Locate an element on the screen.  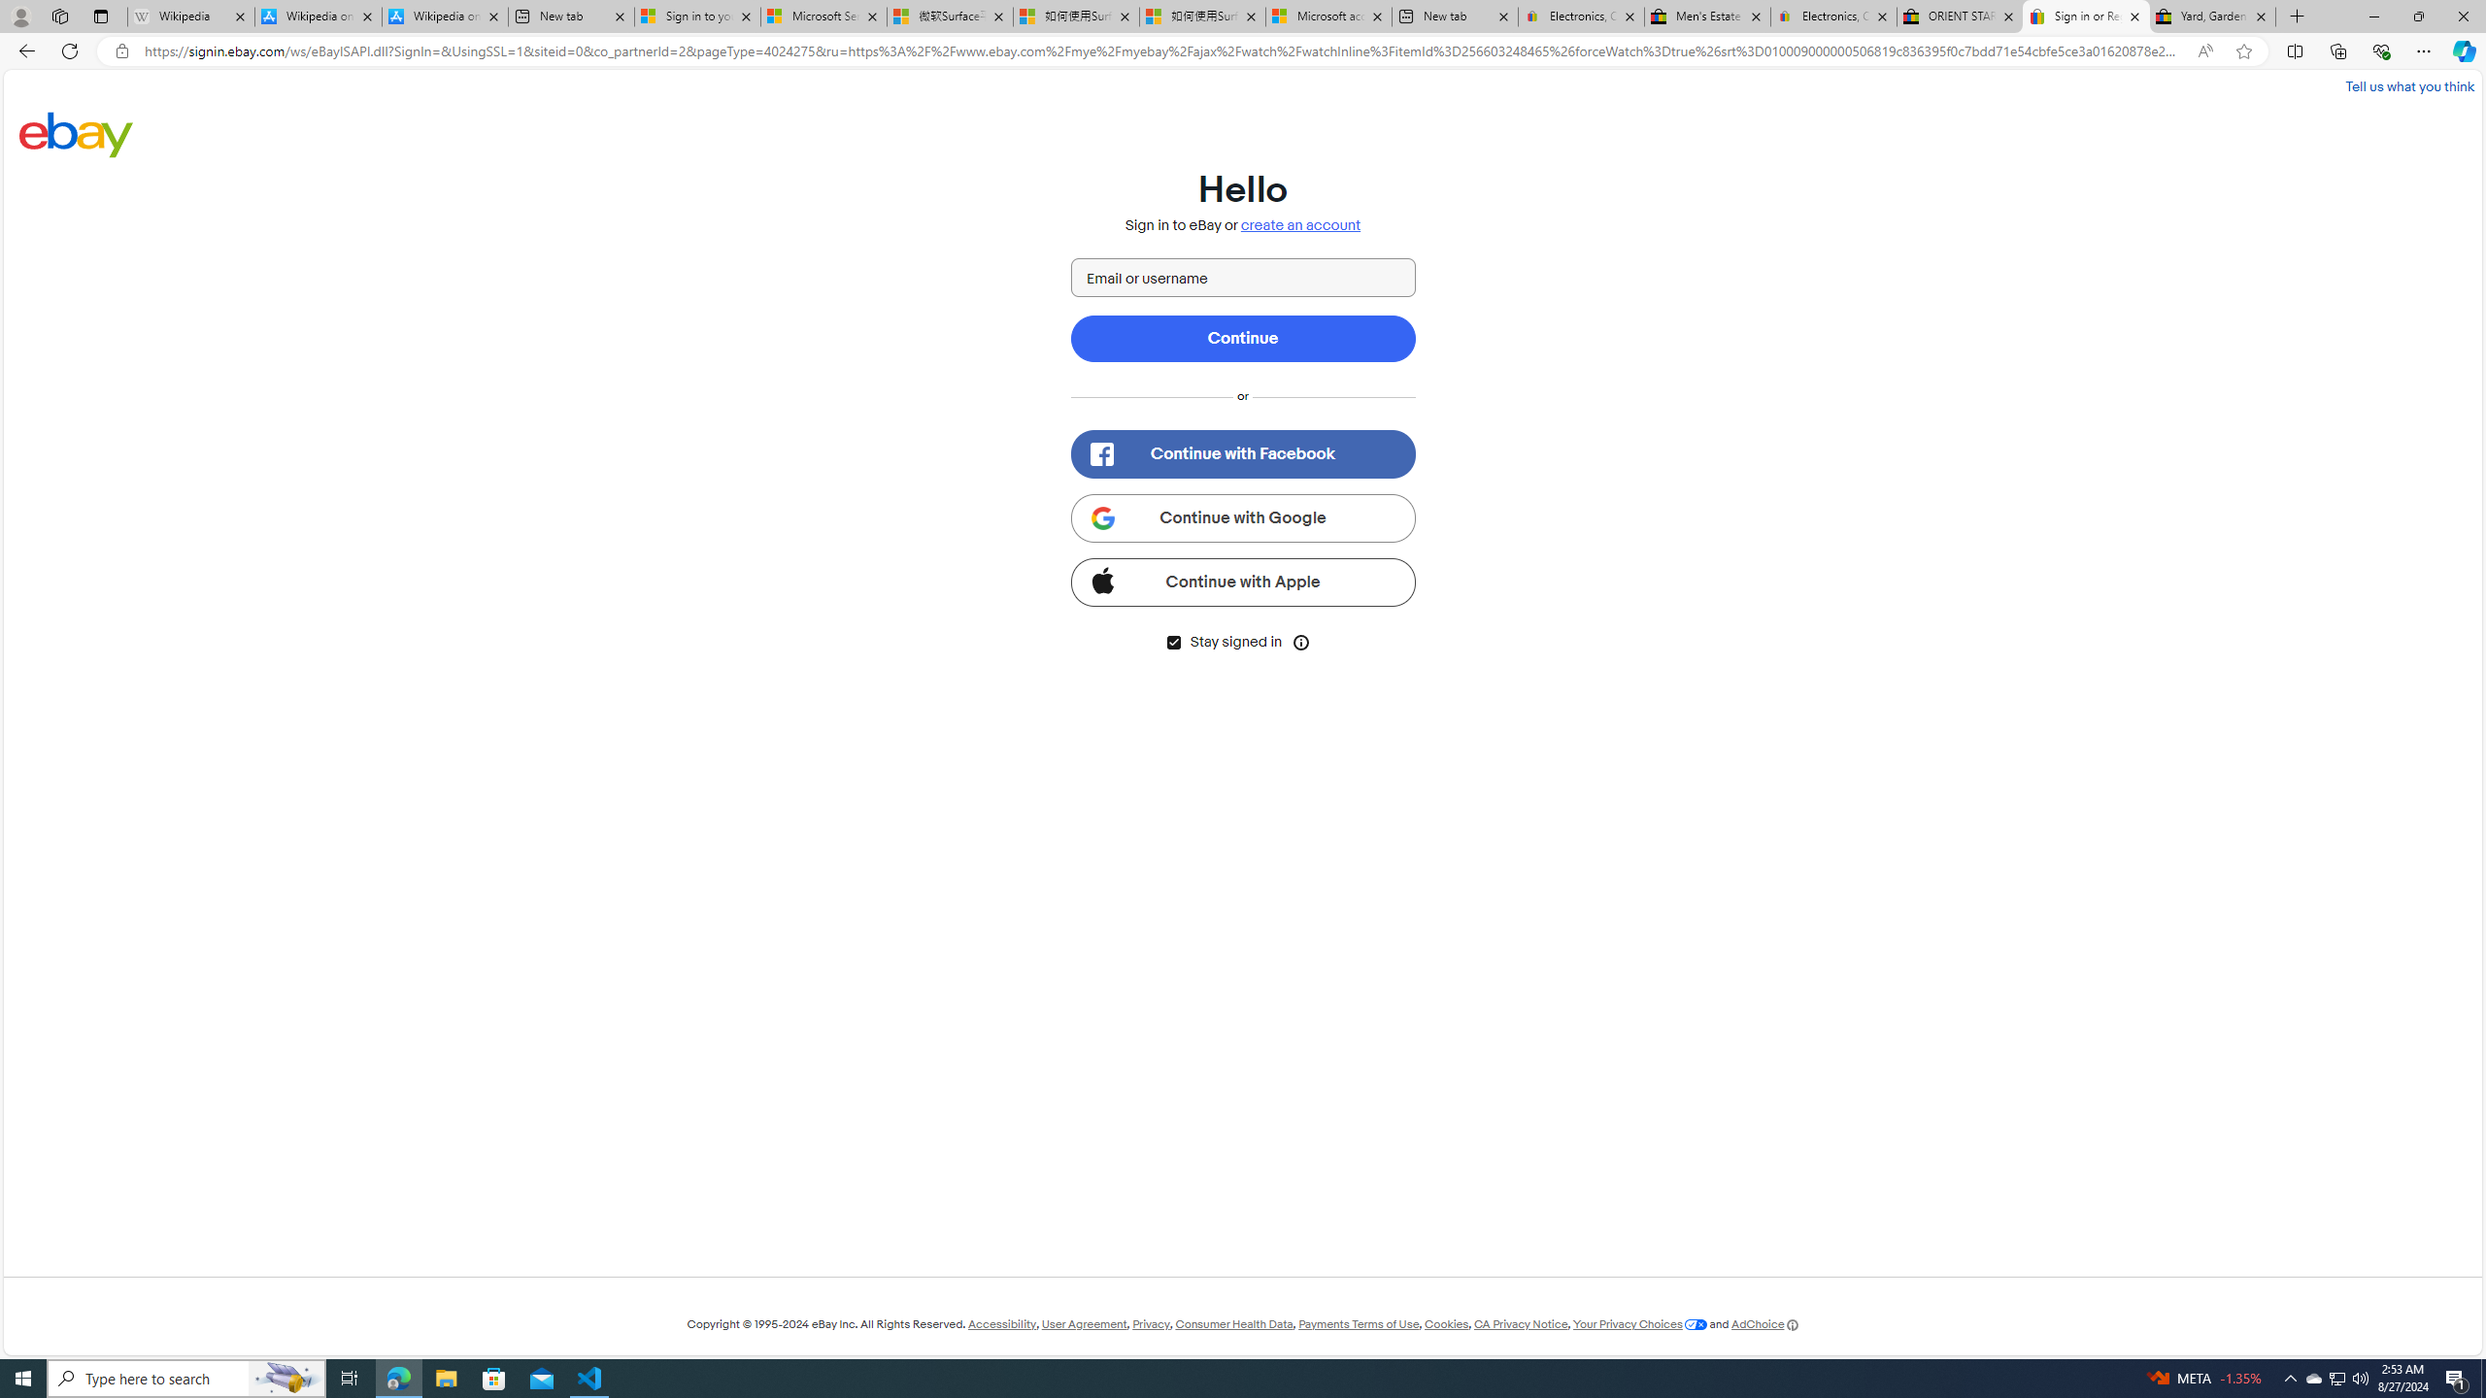
'Class: apple-icon' is located at coordinates (1101, 578).